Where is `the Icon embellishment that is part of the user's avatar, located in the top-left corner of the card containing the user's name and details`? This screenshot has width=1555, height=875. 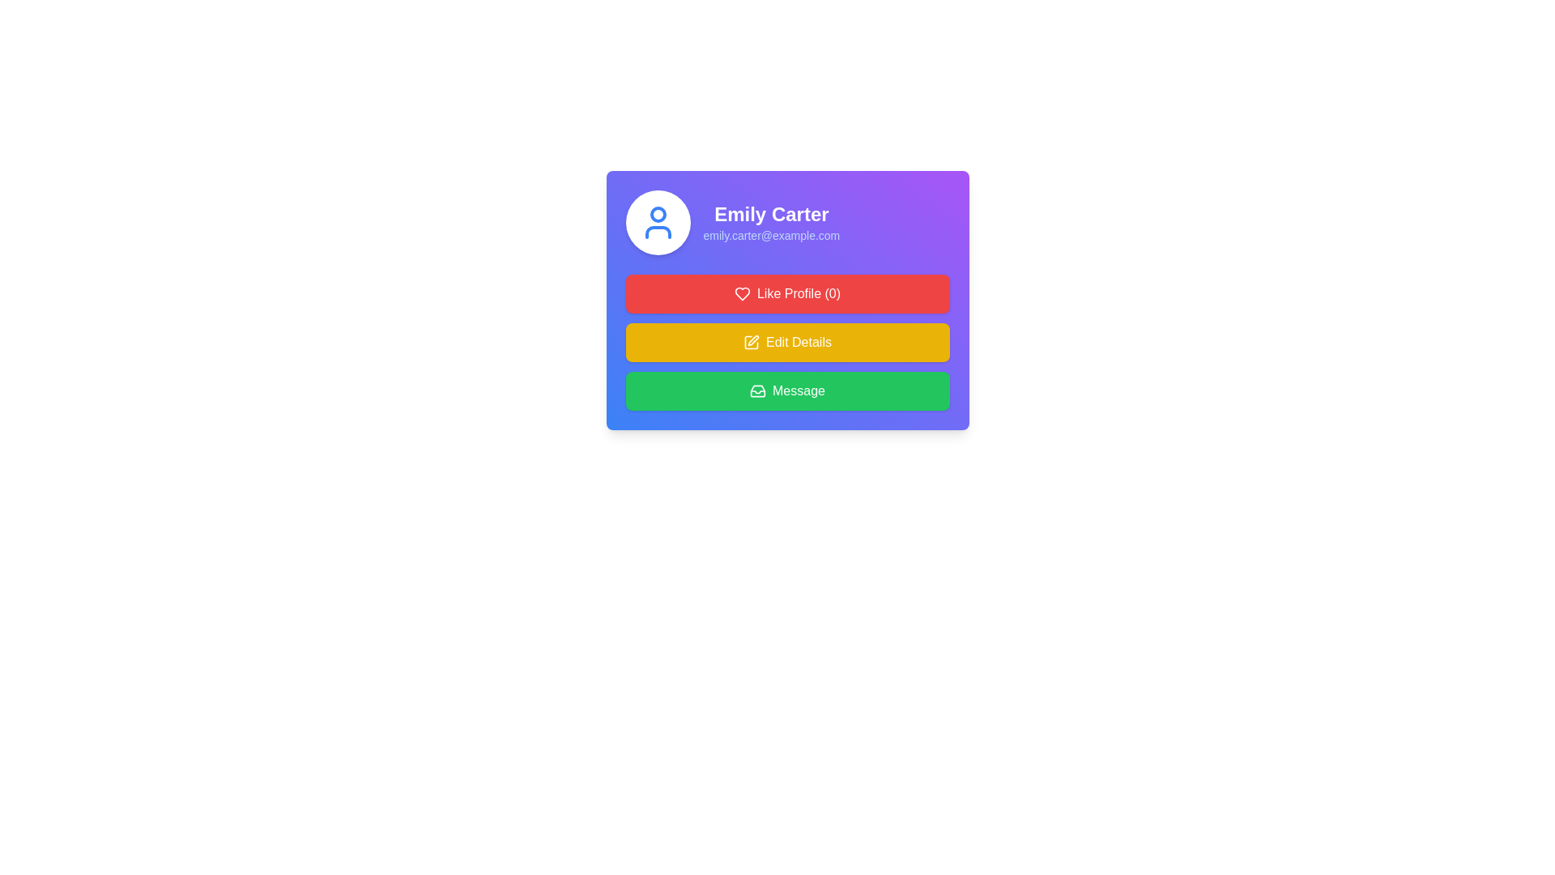 the Icon embellishment that is part of the user's avatar, located in the top-left corner of the card containing the user's name and details is located at coordinates (658, 214).